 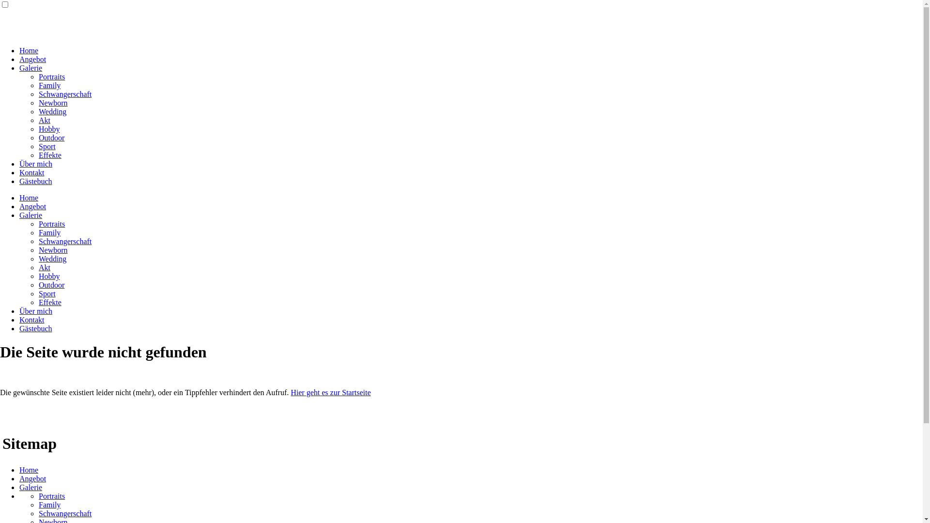 What do you see at coordinates (53, 249) in the screenshot?
I see `'Newborn'` at bounding box center [53, 249].